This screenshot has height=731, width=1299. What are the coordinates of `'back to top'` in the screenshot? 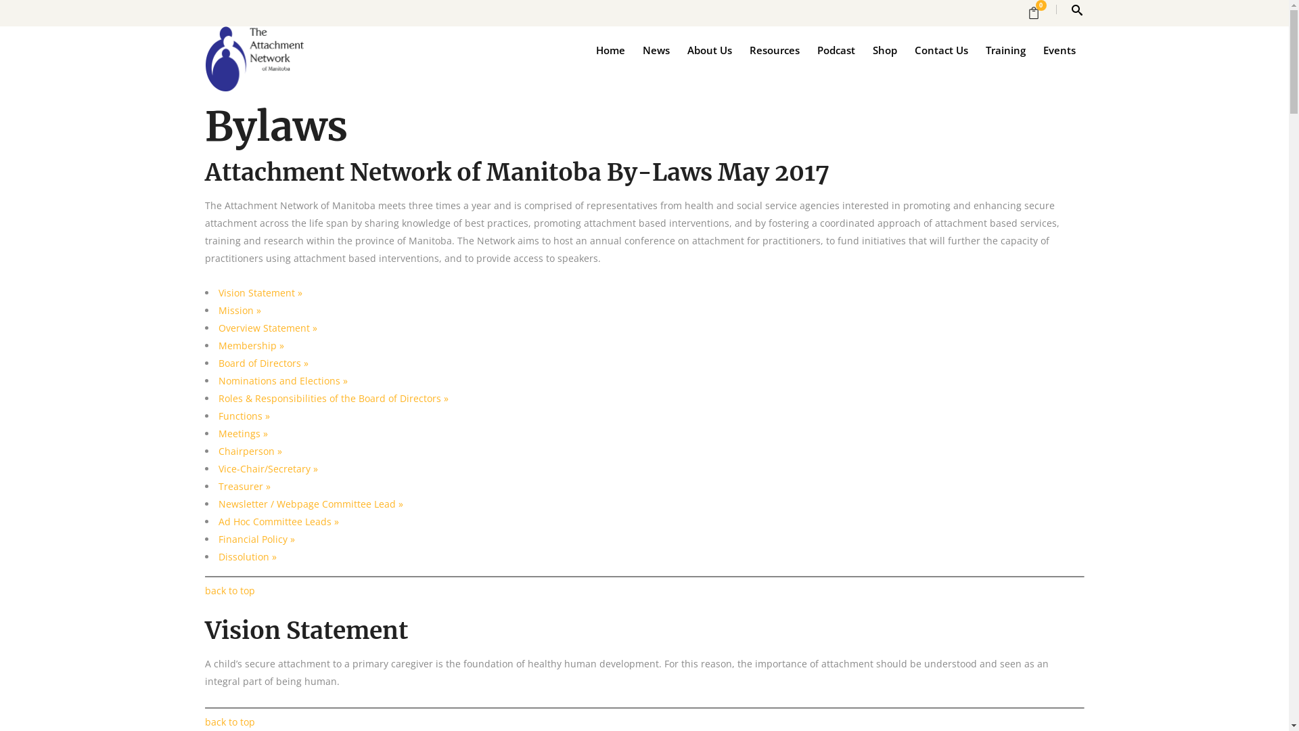 It's located at (204, 590).